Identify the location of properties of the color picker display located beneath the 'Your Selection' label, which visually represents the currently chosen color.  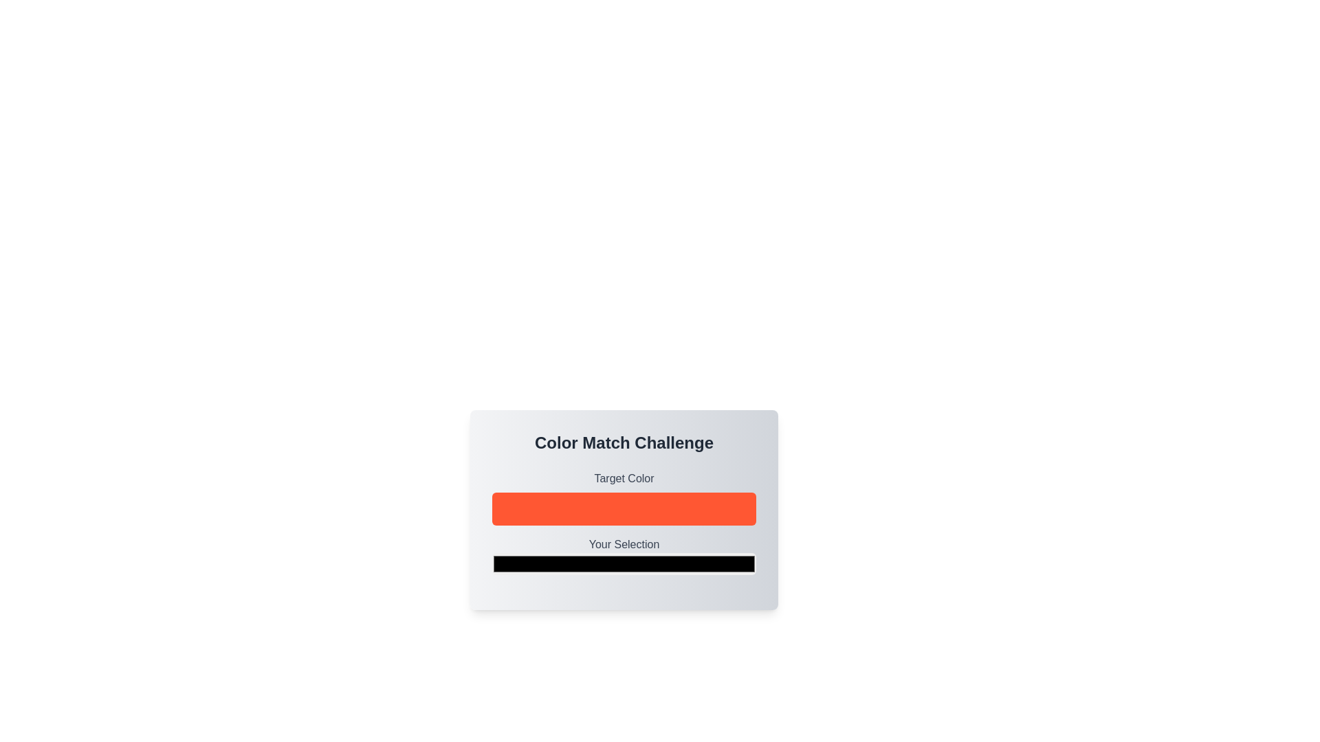
(623, 564).